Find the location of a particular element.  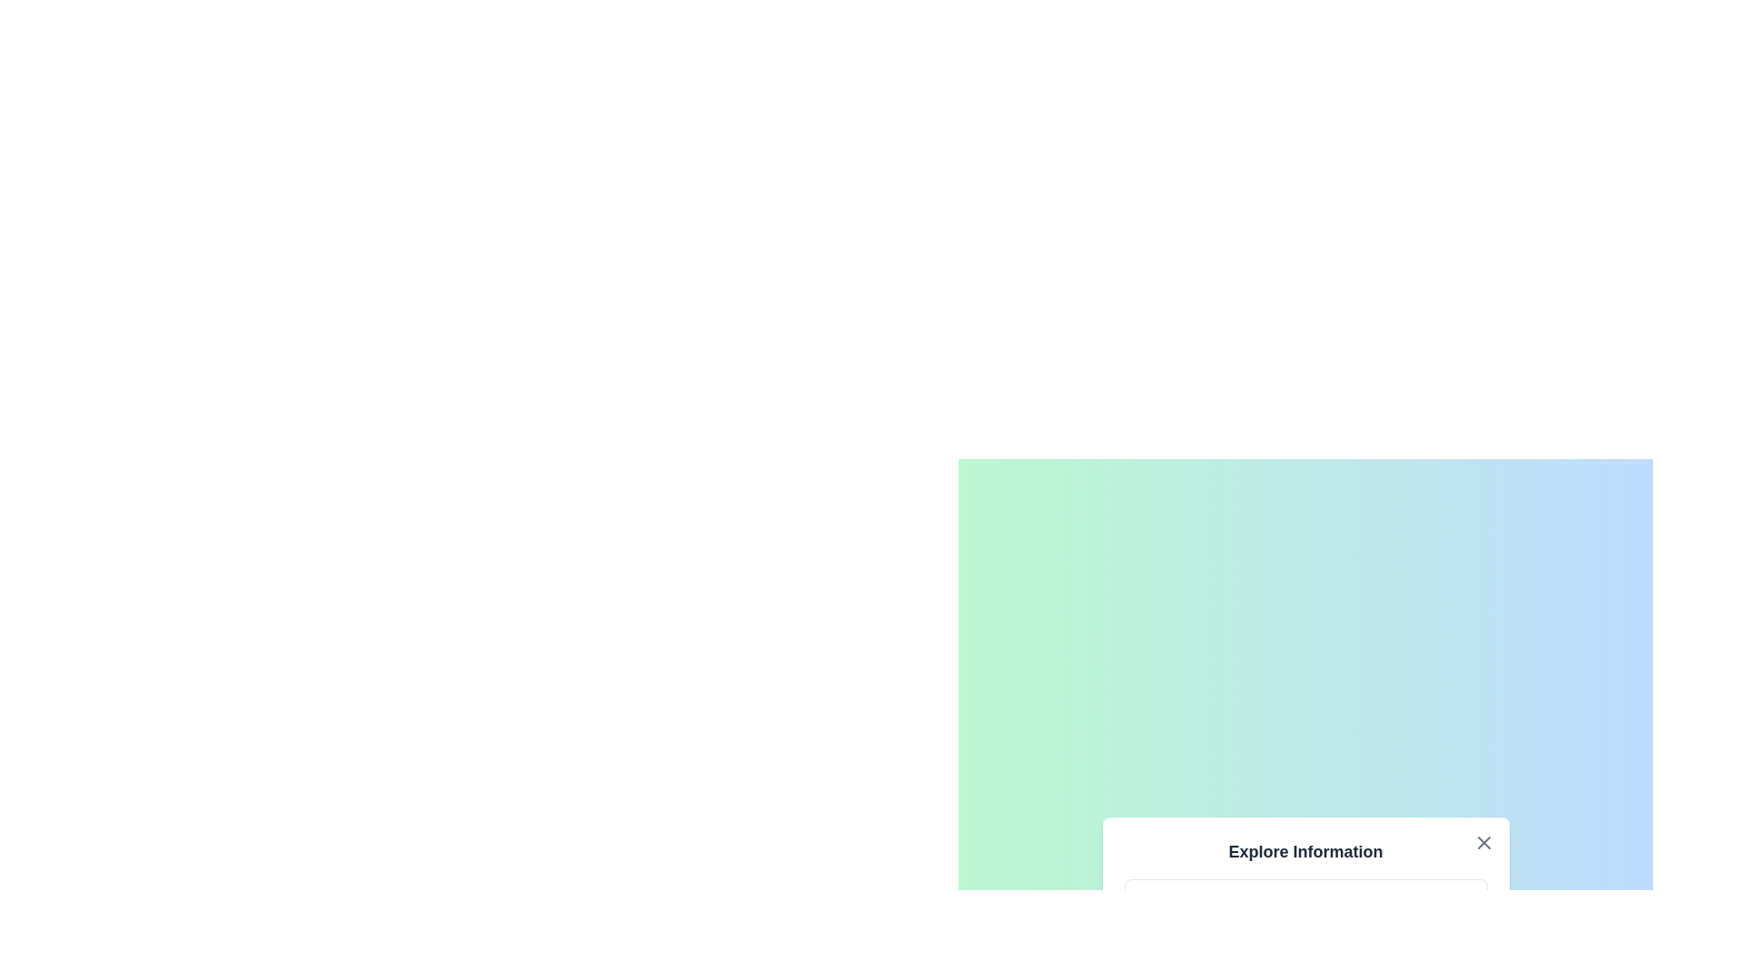

the item User Guide to view its details is located at coordinates (1305, 968).